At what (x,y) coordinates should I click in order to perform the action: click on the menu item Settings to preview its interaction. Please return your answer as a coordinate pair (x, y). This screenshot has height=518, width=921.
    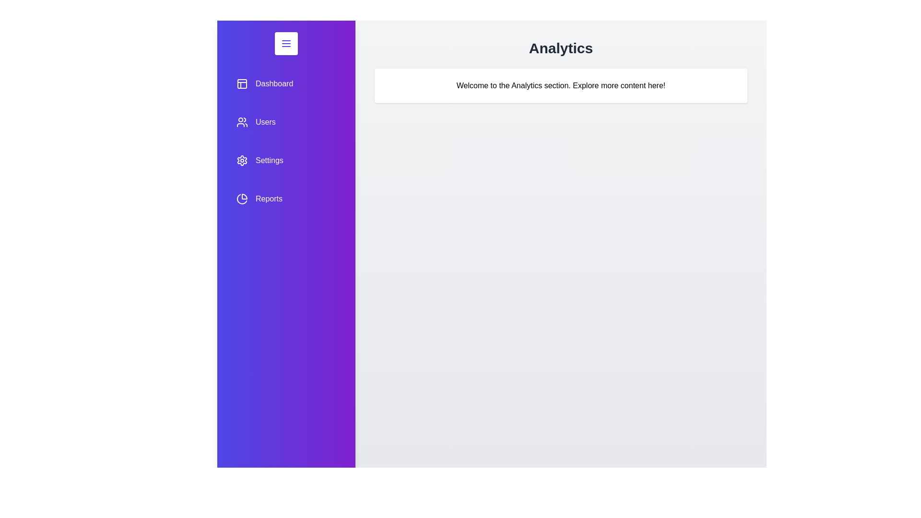
    Looking at the image, I should click on (285, 160).